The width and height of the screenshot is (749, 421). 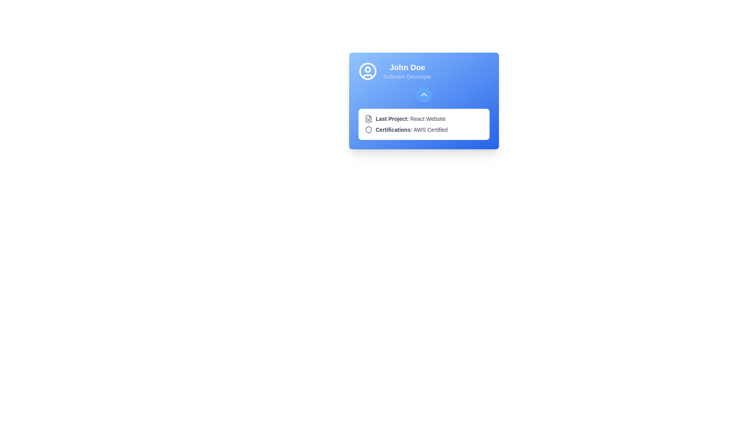 I want to click on the user profile icon, which is a prominent circular icon with a blue background, located in the top-left area of a card-like structure beside the text 'John Doe' and 'Software Developer', so click(x=367, y=71).